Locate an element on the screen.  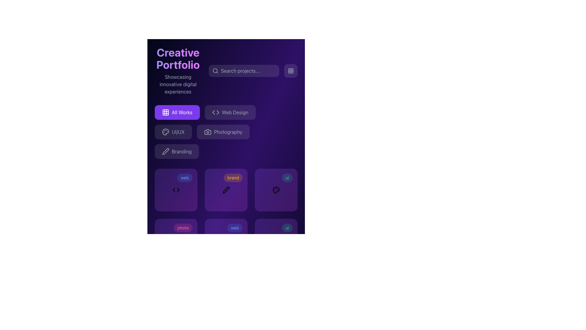
the artistic design icon located at the center of the 'ui' card in the bottom right quadrant of the grid layout is located at coordinates (276, 189).